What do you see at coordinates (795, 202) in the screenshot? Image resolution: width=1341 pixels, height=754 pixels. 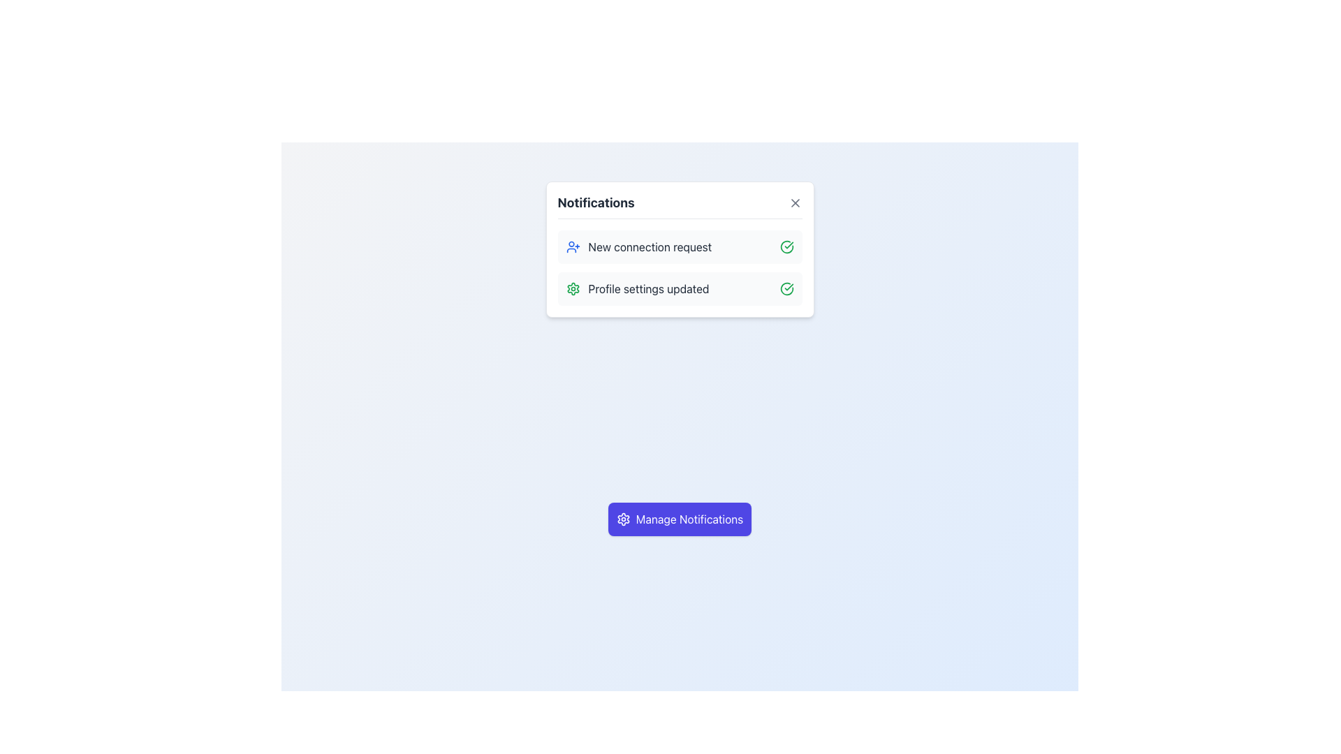 I see `the close icon button, which is a diagonal cross icon in the top-right corner of the notification box` at bounding box center [795, 202].